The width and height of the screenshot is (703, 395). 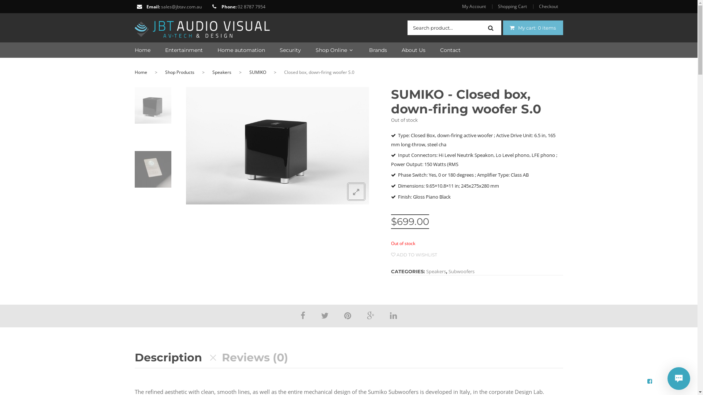 What do you see at coordinates (414, 254) in the screenshot?
I see `'ADD TO WISHLIST'` at bounding box center [414, 254].